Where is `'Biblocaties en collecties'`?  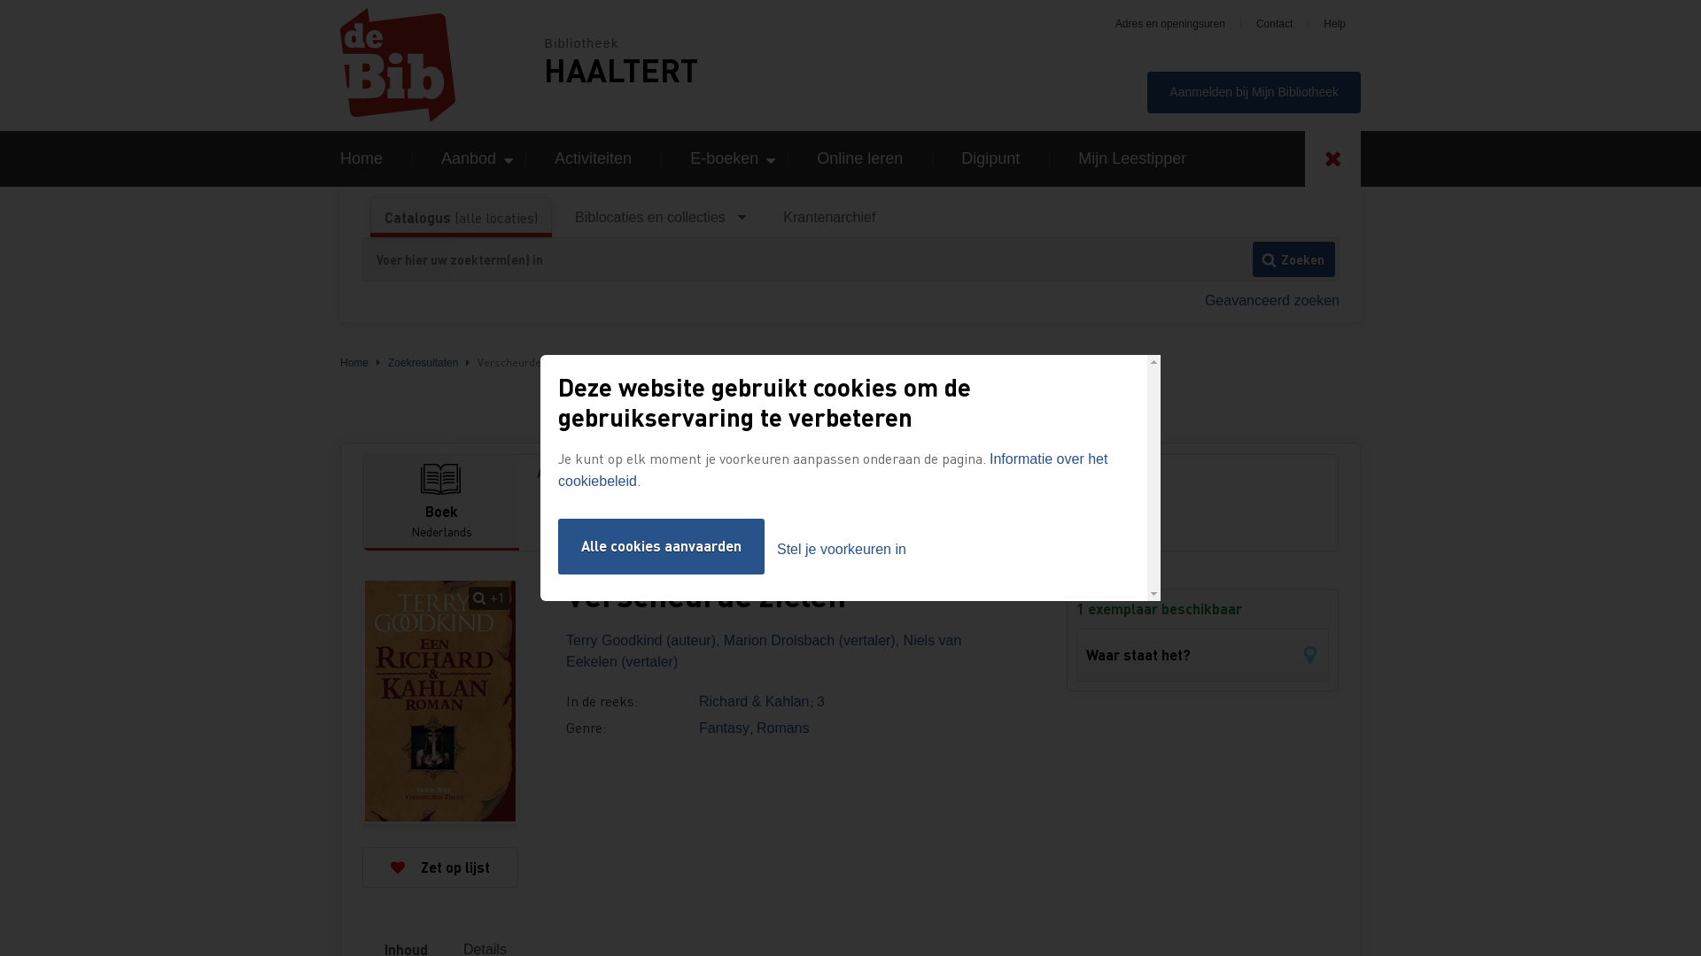
'Biblocaties en collecties' is located at coordinates (659, 217).